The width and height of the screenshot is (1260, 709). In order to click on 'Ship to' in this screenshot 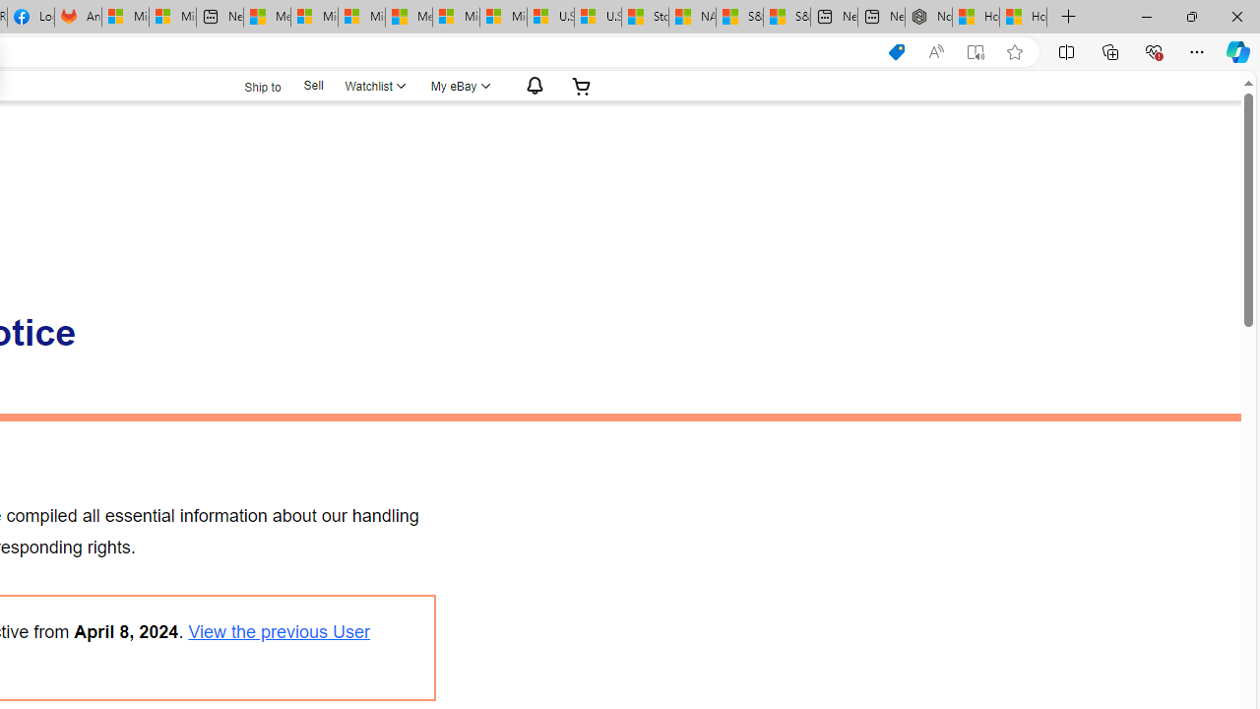, I will do `click(249, 84)`.